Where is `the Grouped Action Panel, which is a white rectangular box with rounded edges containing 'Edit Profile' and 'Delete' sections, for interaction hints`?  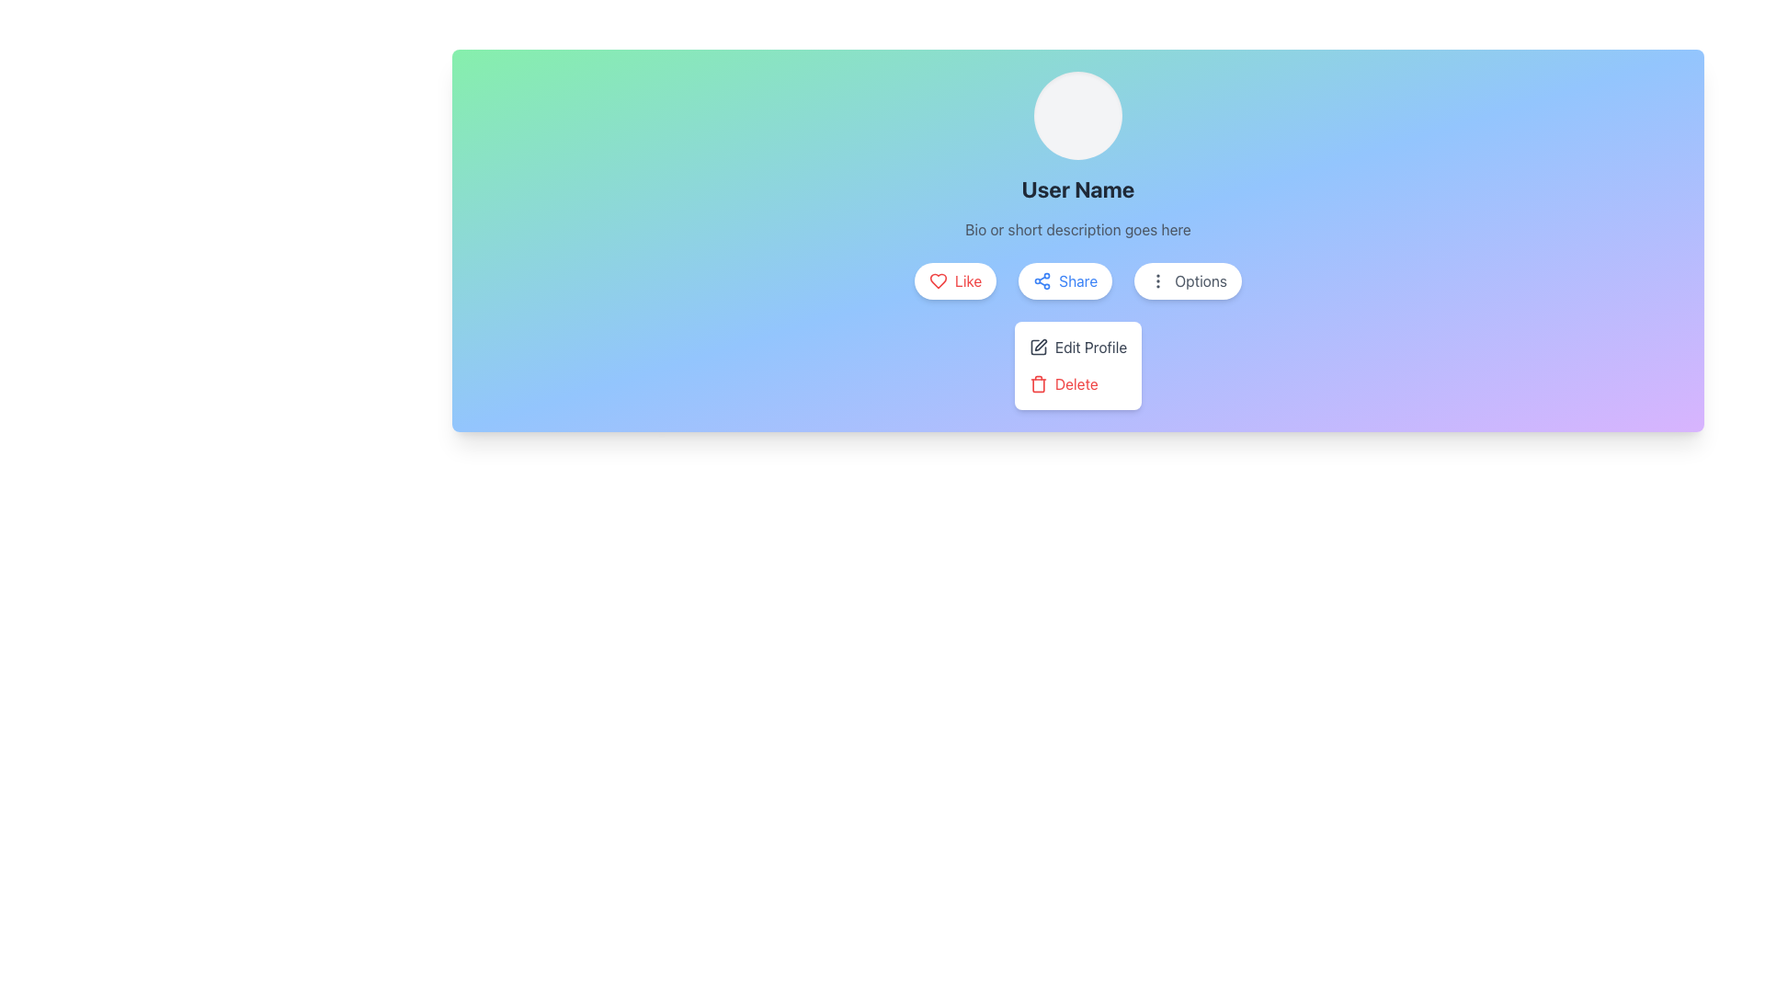
the Grouped Action Panel, which is a white rectangular box with rounded edges containing 'Edit Profile' and 'Delete' sections, for interaction hints is located at coordinates (1077, 365).